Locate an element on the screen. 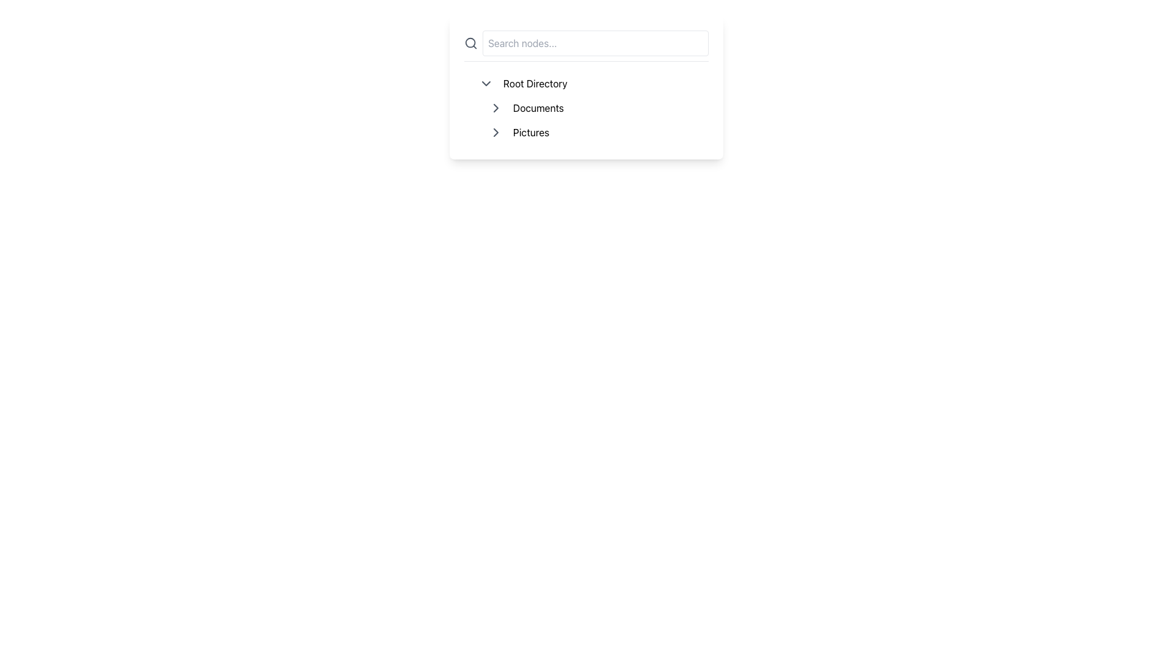 The width and height of the screenshot is (1173, 660). the search icon located in the upper left section of the interface, which indicates the presence of a search feature is located at coordinates (470, 42).